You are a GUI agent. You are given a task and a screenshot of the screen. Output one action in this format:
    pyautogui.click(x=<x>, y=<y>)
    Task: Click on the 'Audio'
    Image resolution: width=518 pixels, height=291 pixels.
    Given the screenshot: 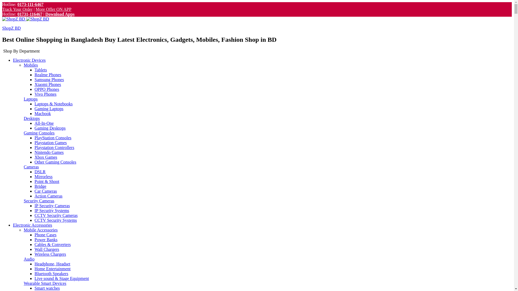 What is the action you would take?
    pyautogui.click(x=29, y=259)
    